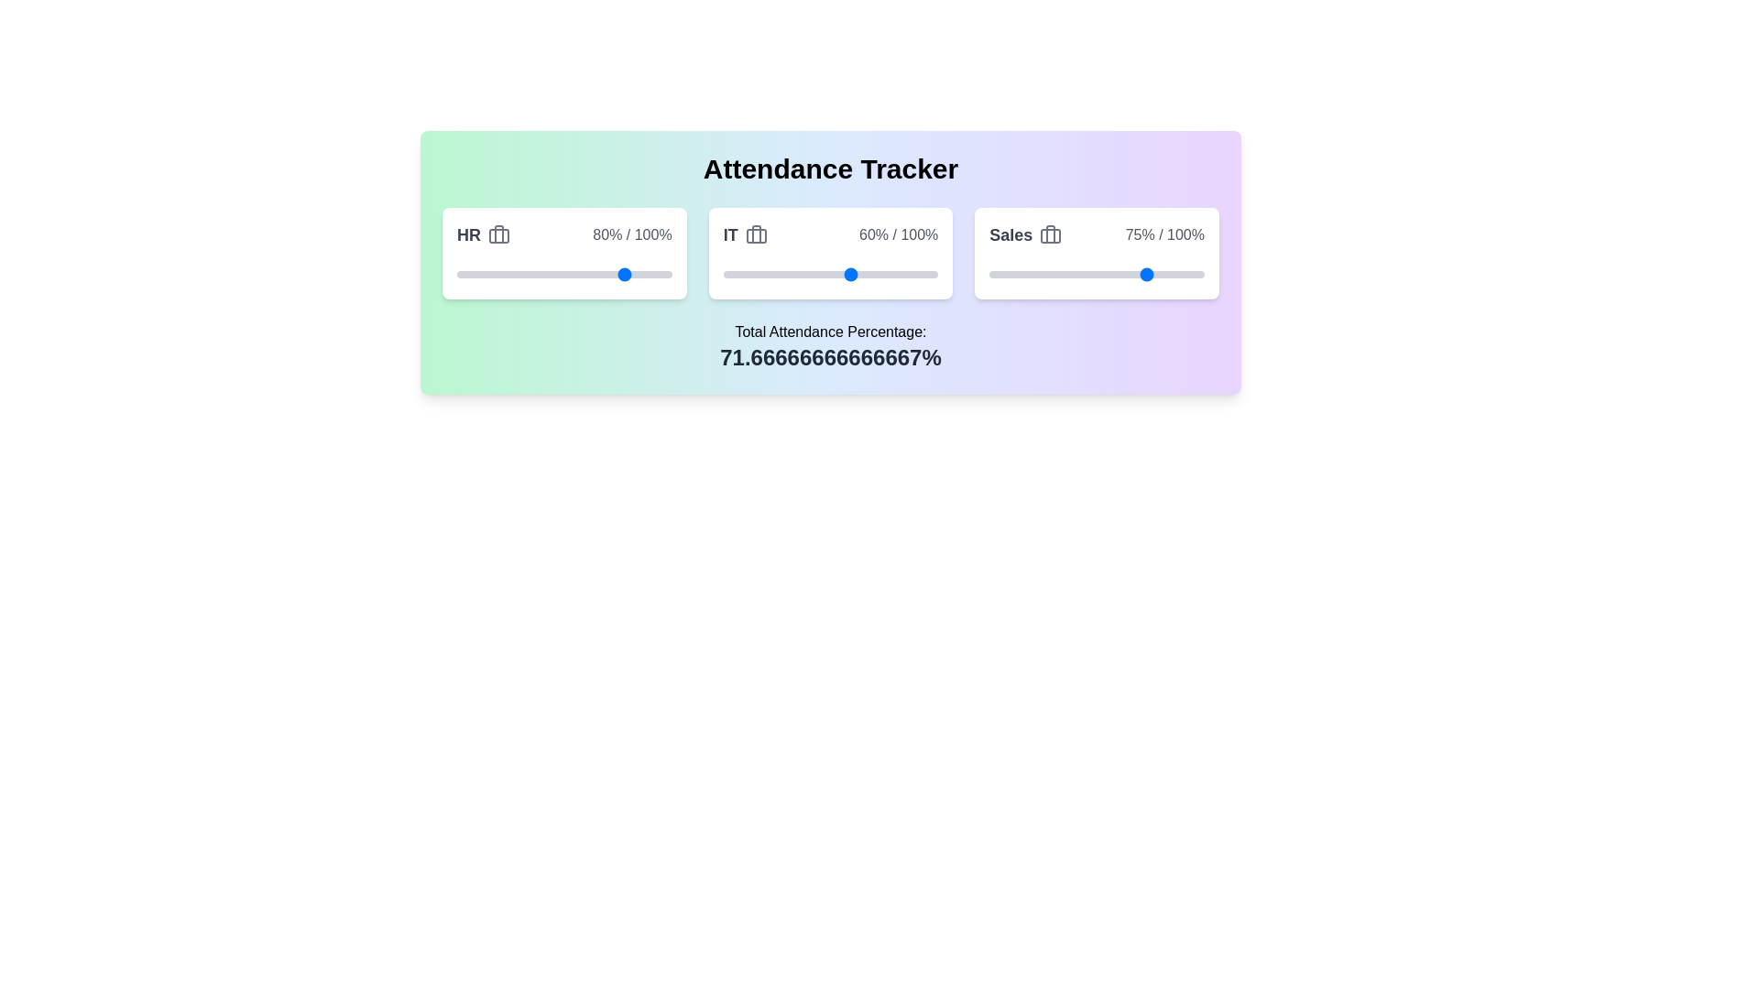 The image size is (1759, 989). What do you see at coordinates (745, 234) in the screenshot?
I see `the text 'IT' styled with a bold font and dark gray color, which is accompanied by a briefcase icon, located in the second card above '60% / 100%'` at bounding box center [745, 234].